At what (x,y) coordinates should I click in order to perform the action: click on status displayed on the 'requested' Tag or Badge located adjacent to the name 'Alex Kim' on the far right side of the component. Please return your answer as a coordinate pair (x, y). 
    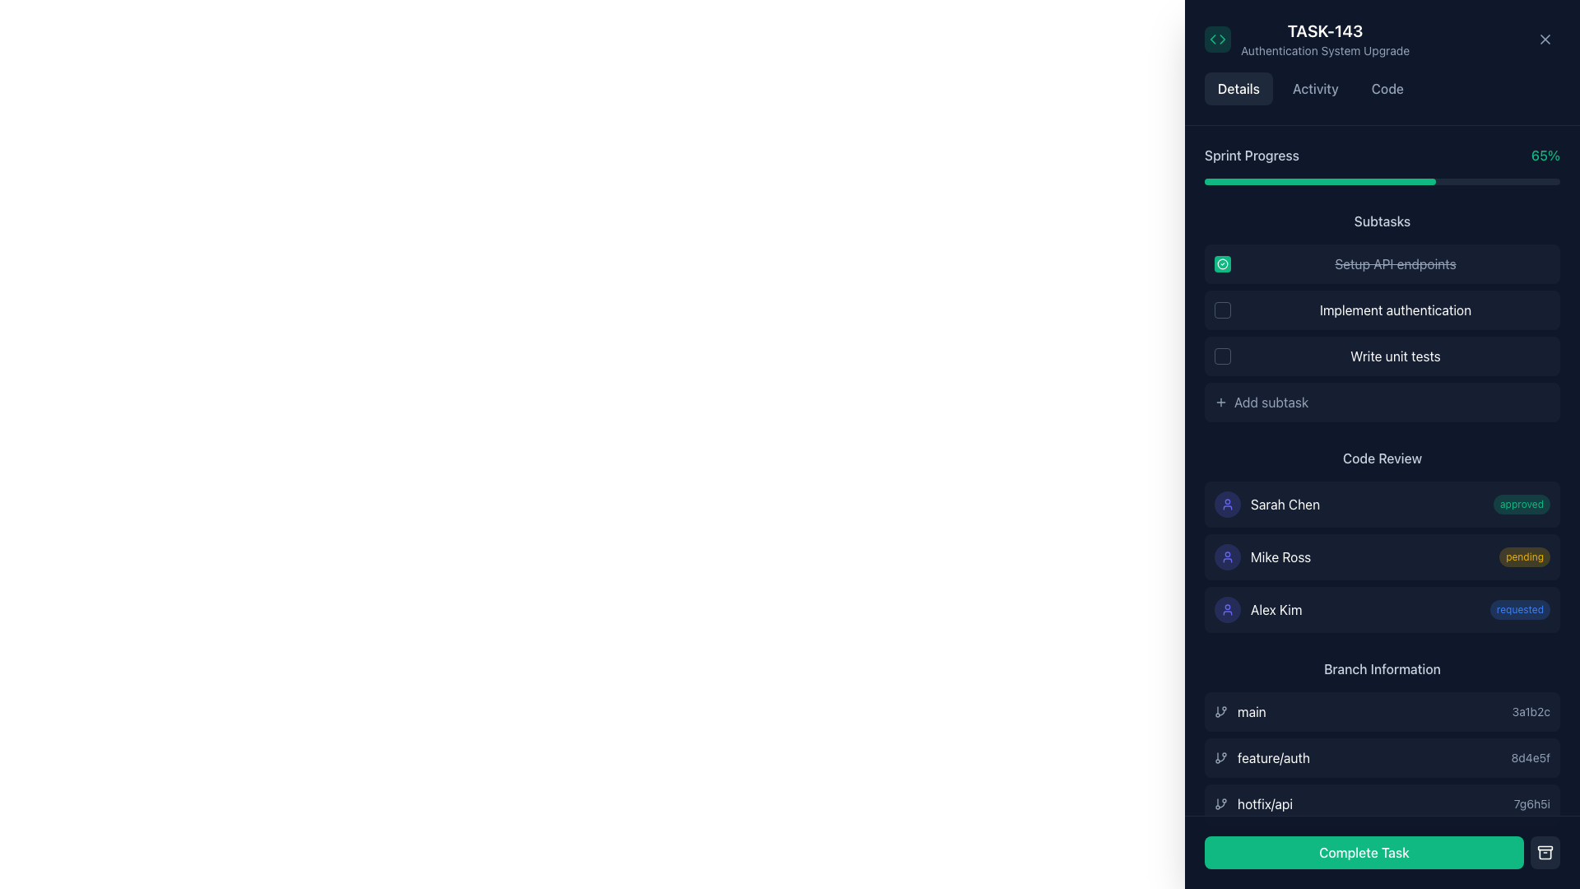
    Looking at the image, I should click on (1519, 609).